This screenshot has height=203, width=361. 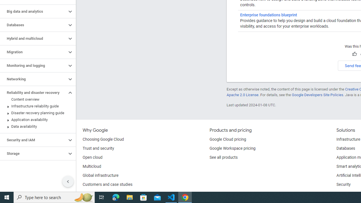 What do you see at coordinates (36, 106) in the screenshot?
I see `'Infrastructure reliability guide'` at bounding box center [36, 106].